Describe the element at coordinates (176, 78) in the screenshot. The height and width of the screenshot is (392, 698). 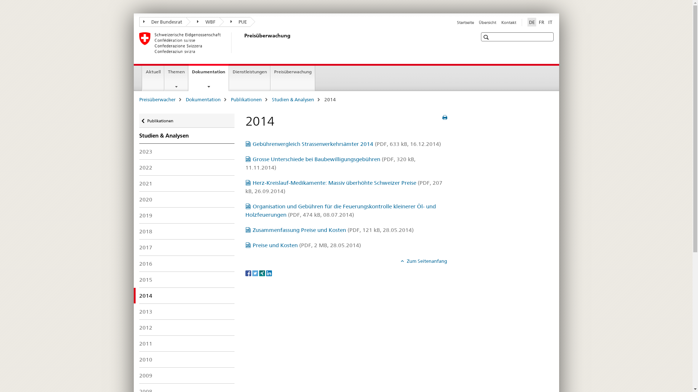
I see `'Themen'` at that location.